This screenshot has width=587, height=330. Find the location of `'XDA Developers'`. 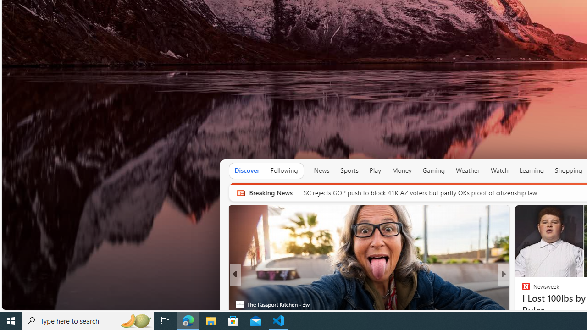

'XDA Developers' is located at coordinates (522, 290).